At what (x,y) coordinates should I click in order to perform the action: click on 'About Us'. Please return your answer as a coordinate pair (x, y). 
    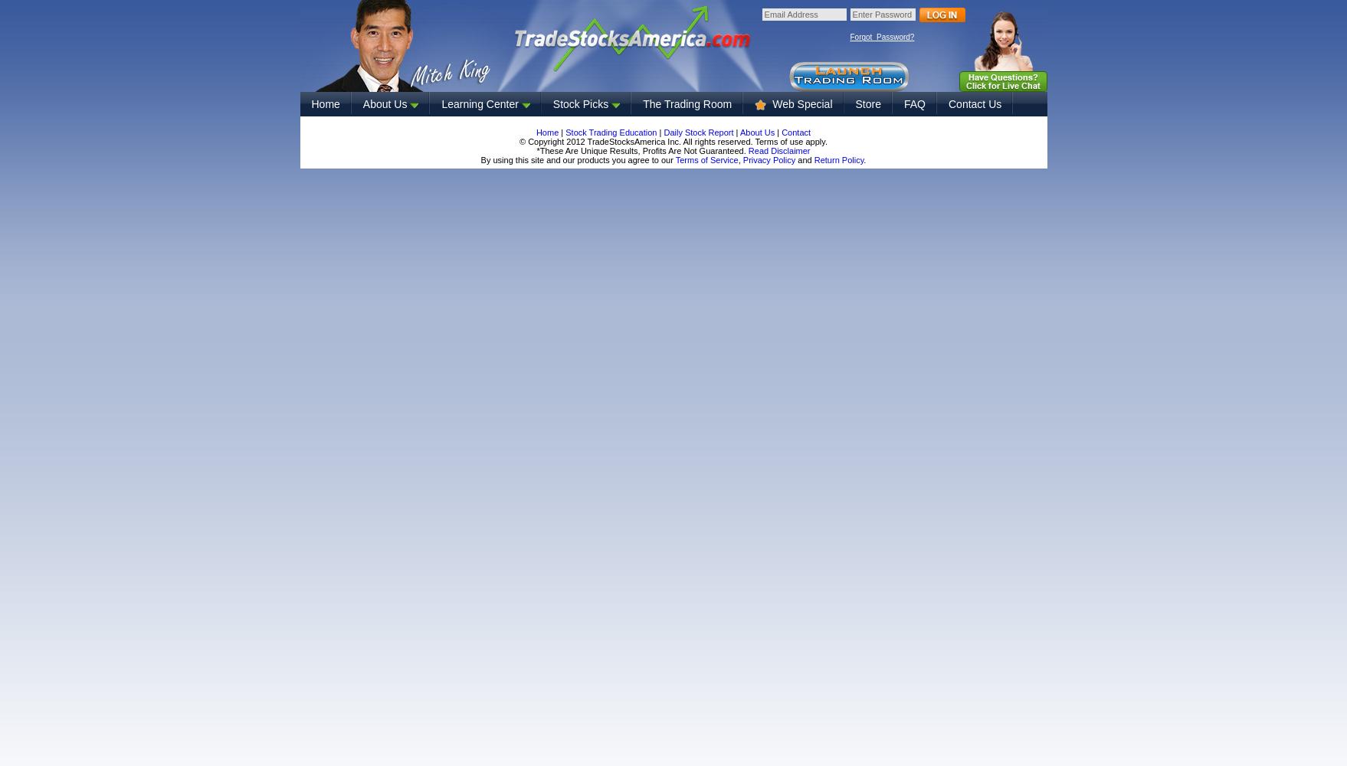
    Looking at the image, I should click on (756, 133).